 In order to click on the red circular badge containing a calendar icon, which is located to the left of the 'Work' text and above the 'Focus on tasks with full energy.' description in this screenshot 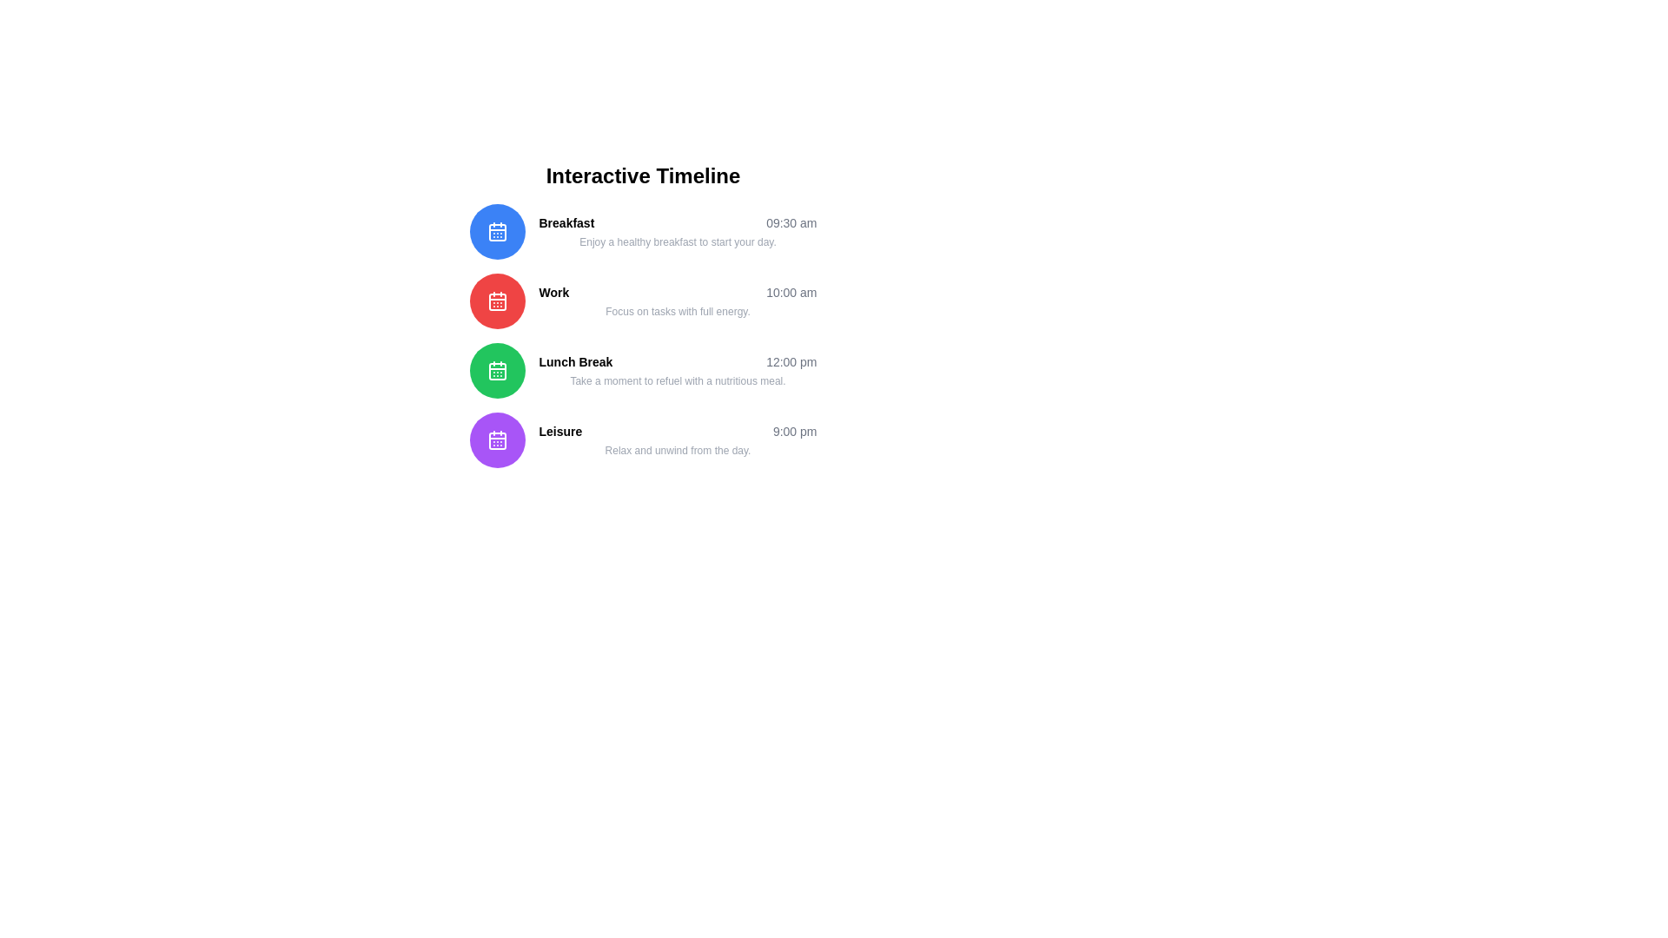, I will do `click(496, 301)`.